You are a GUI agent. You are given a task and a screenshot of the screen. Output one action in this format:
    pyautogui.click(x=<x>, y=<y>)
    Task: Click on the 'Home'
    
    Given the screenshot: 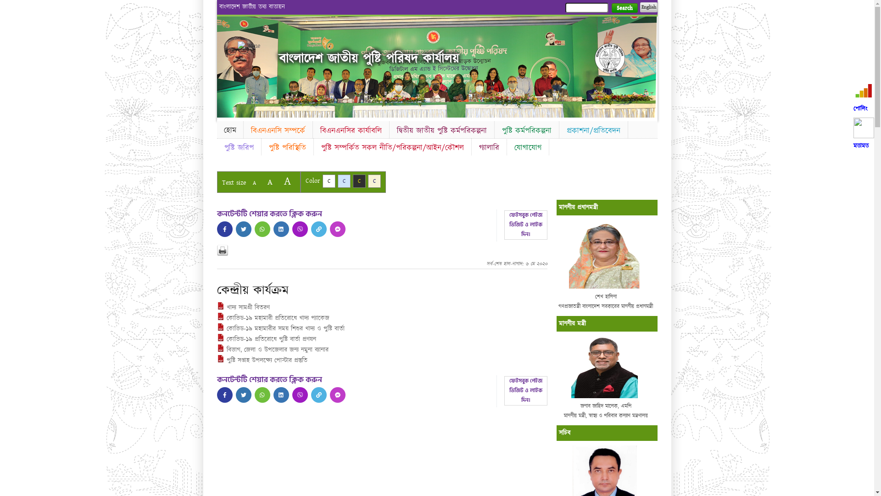 What is the action you would take?
    pyautogui.click(x=238, y=46)
    